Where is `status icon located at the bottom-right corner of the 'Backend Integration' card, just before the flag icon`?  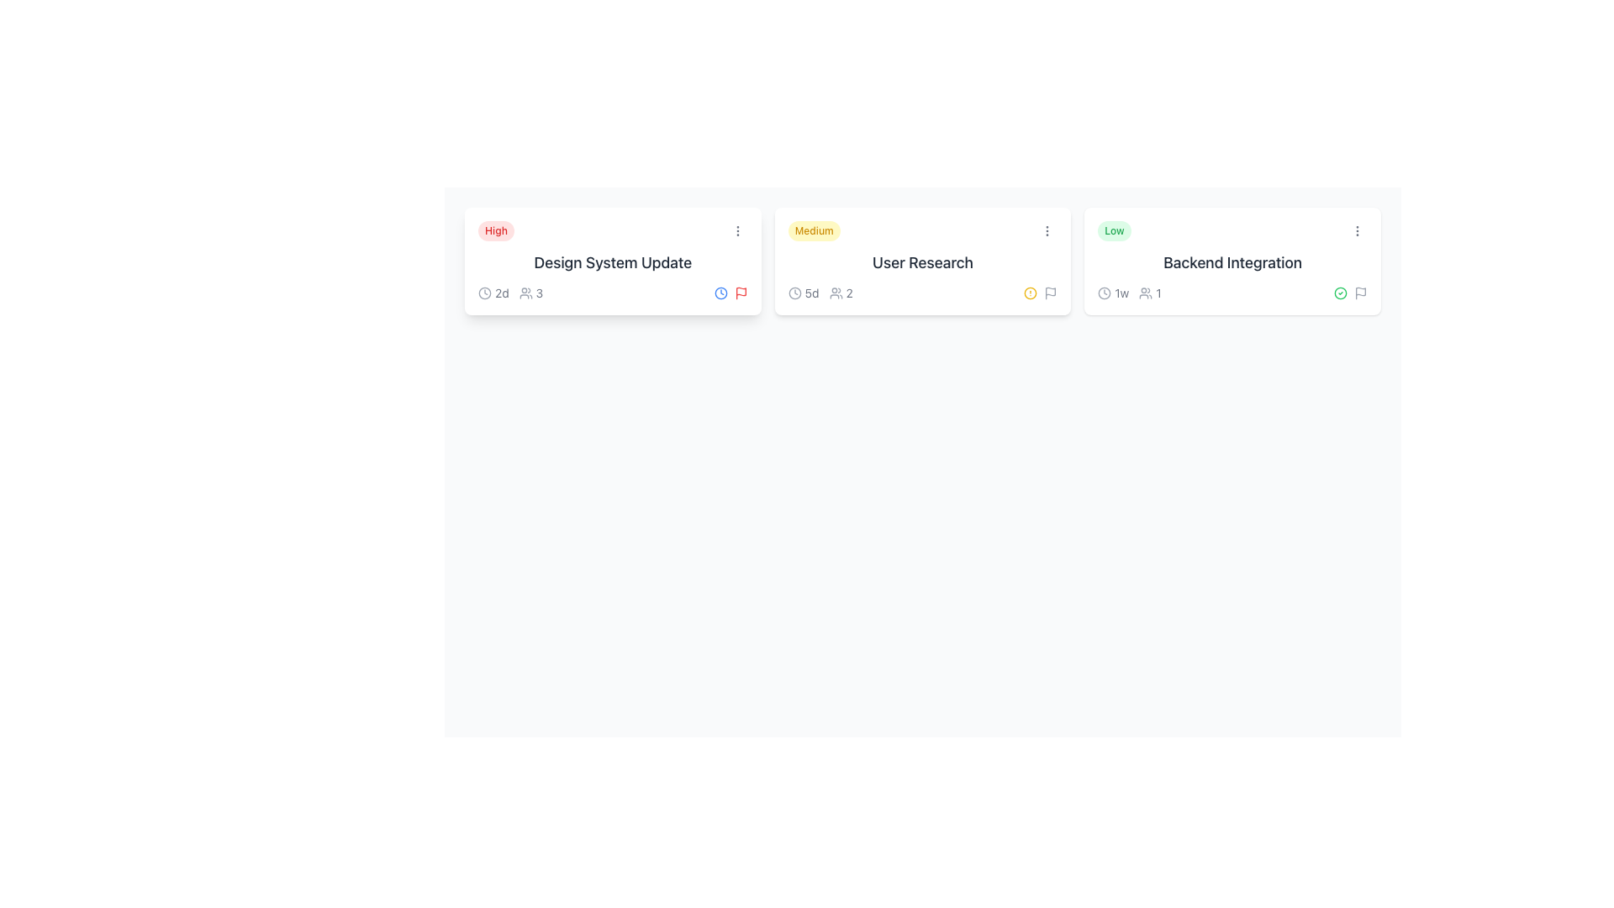 status icon located at the bottom-right corner of the 'Backend Integration' card, just before the flag icon is located at coordinates (1339, 292).